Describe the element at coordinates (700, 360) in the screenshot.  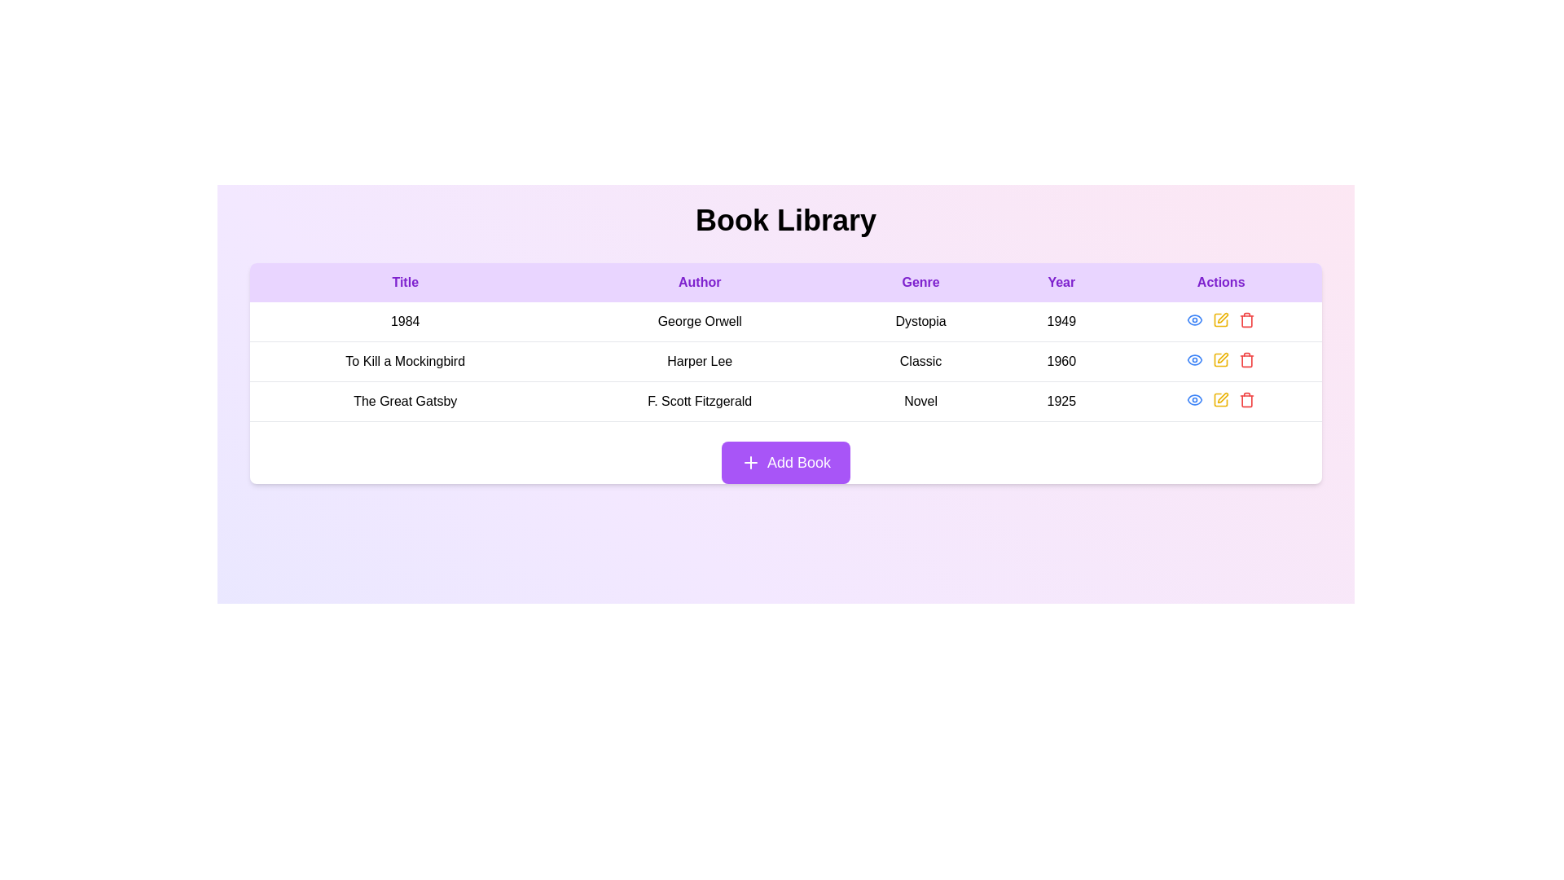
I see `the text label displaying the author's name in the second row of the 'Author' column within the book details table` at that location.